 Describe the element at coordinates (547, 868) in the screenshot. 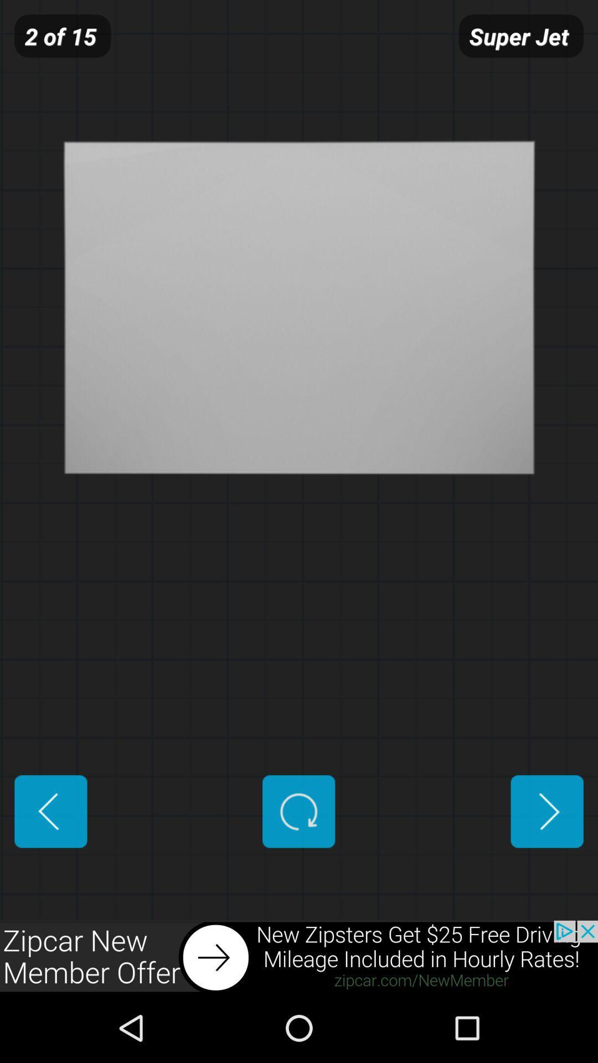

I see `the arrow_forward icon` at that location.